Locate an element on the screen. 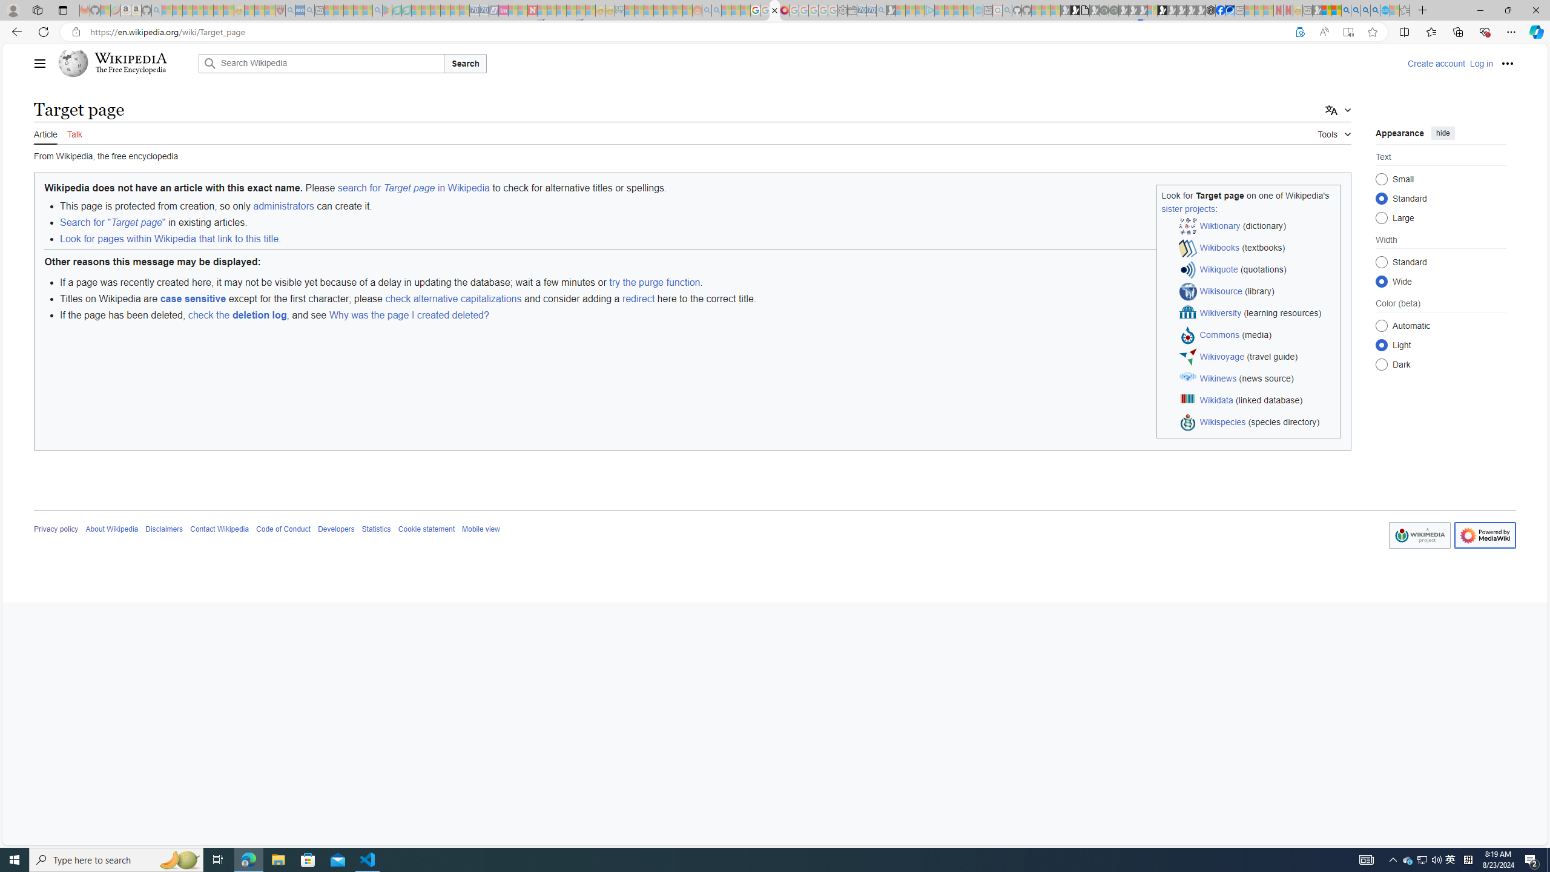 Image resolution: width=1550 pixels, height=872 pixels. 'Wikispecies (species directory)' is located at coordinates (1257, 422).